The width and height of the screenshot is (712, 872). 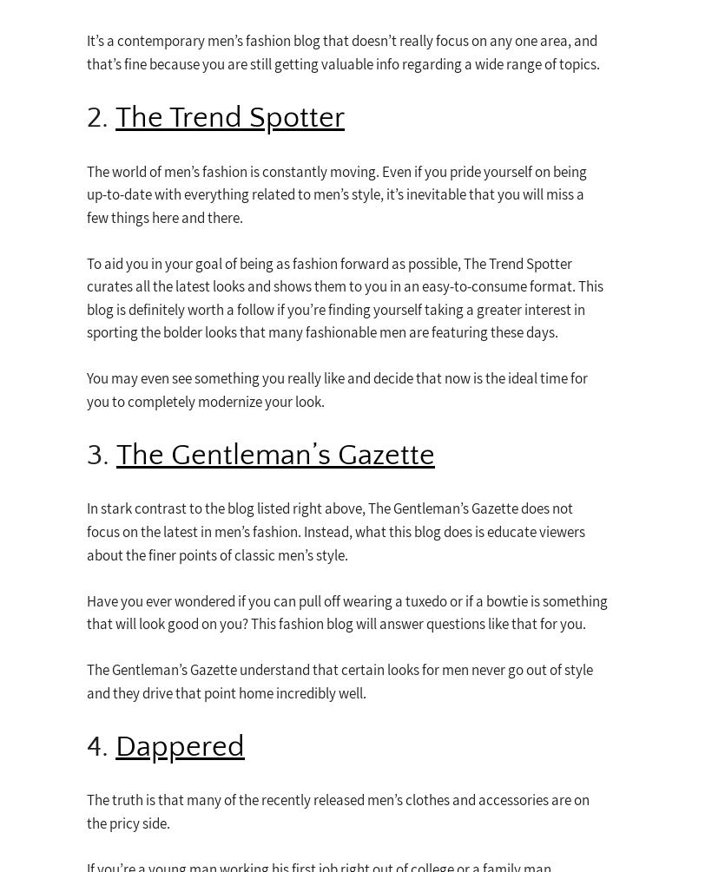 What do you see at coordinates (337, 193) in the screenshot?
I see `'The world of men’s fashion is constantly moving. Even if you pride yourself on being up-to-date with everything related to men’s style, it’s inevitable that you will miss a few things here and there.'` at bounding box center [337, 193].